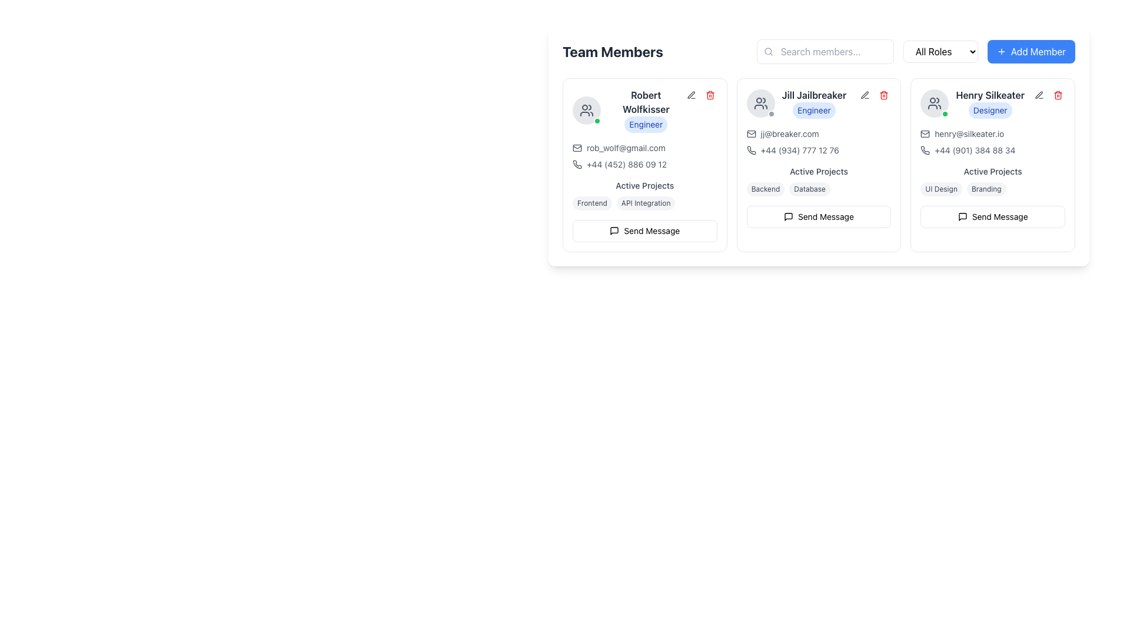 The height and width of the screenshot is (635, 1130). I want to click on the small, stylized phone icon located in the 'Team Members' section for 'Jill Jailbreaker', positioned below the email address and adjacent to the phone number, so click(750, 149).